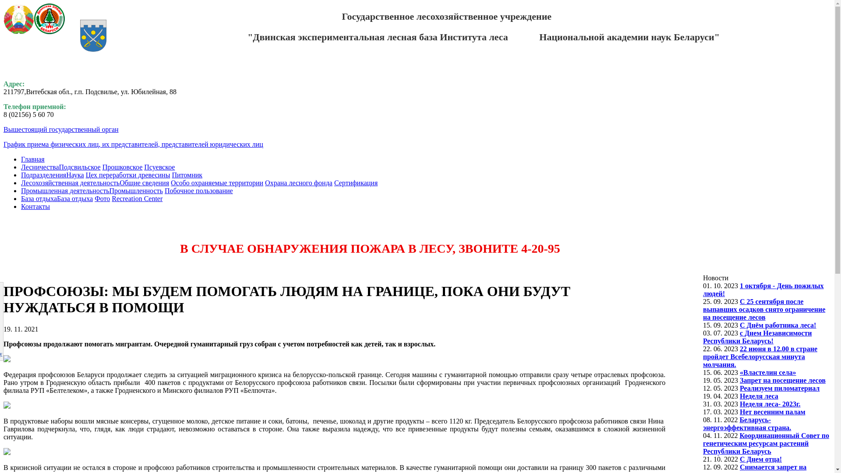  I want to click on 'Recreation Center', so click(136, 198).